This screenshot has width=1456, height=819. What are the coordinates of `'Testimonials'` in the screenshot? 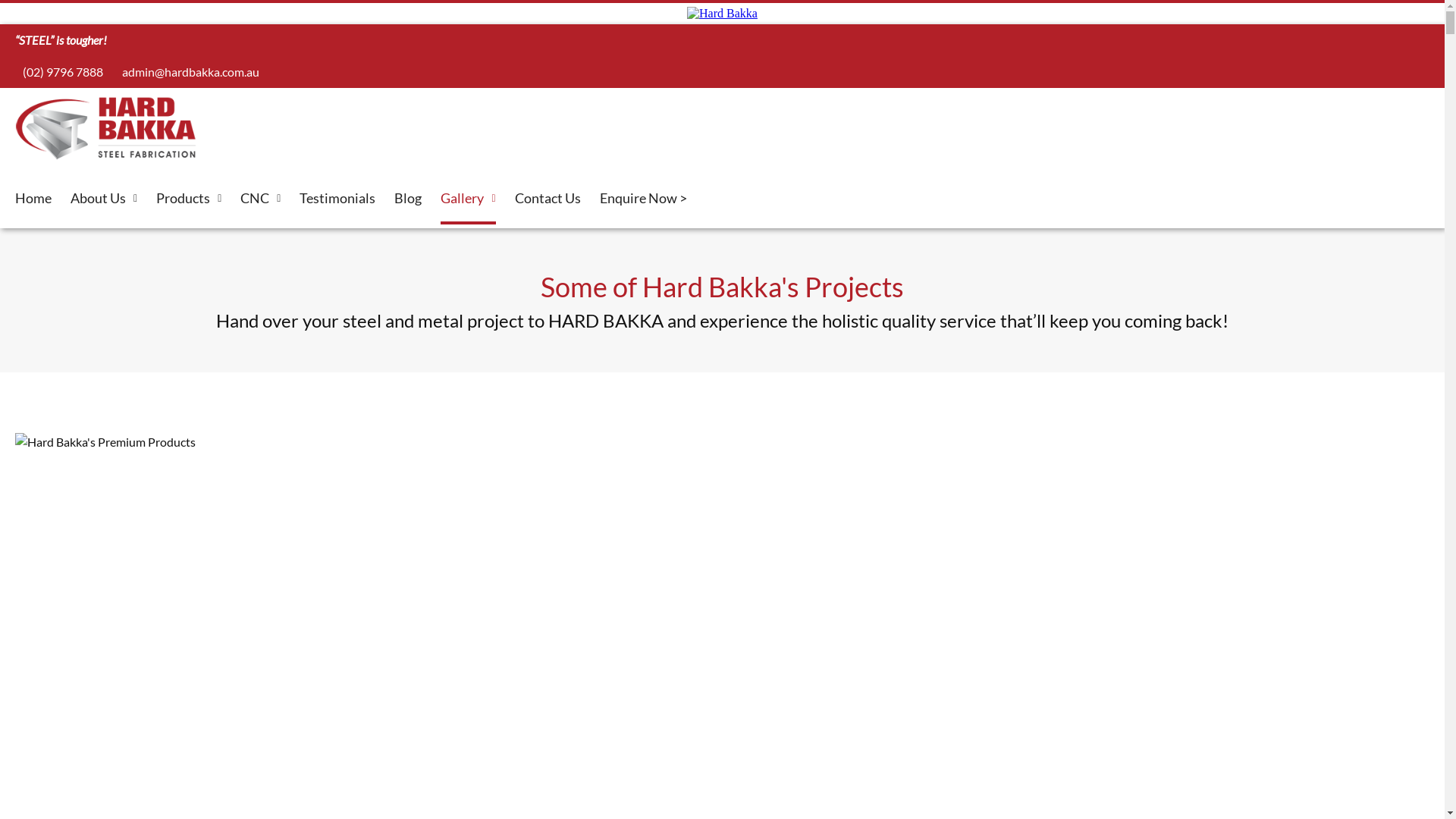 It's located at (299, 198).